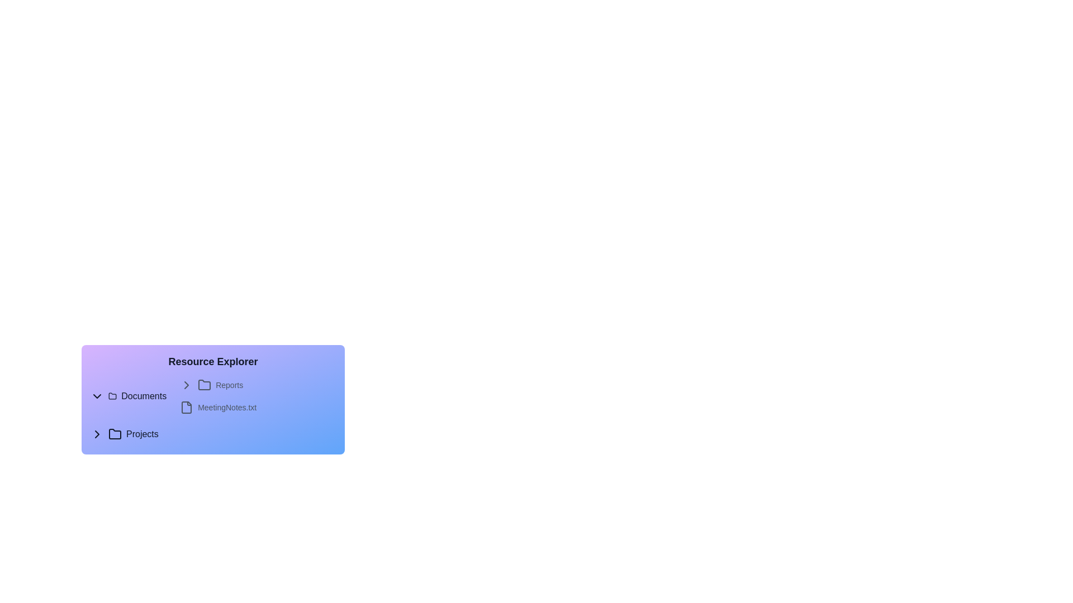  What do you see at coordinates (112, 395) in the screenshot?
I see `the small folder icon located to the left of the 'Documents' label in the hierarchical list` at bounding box center [112, 395].